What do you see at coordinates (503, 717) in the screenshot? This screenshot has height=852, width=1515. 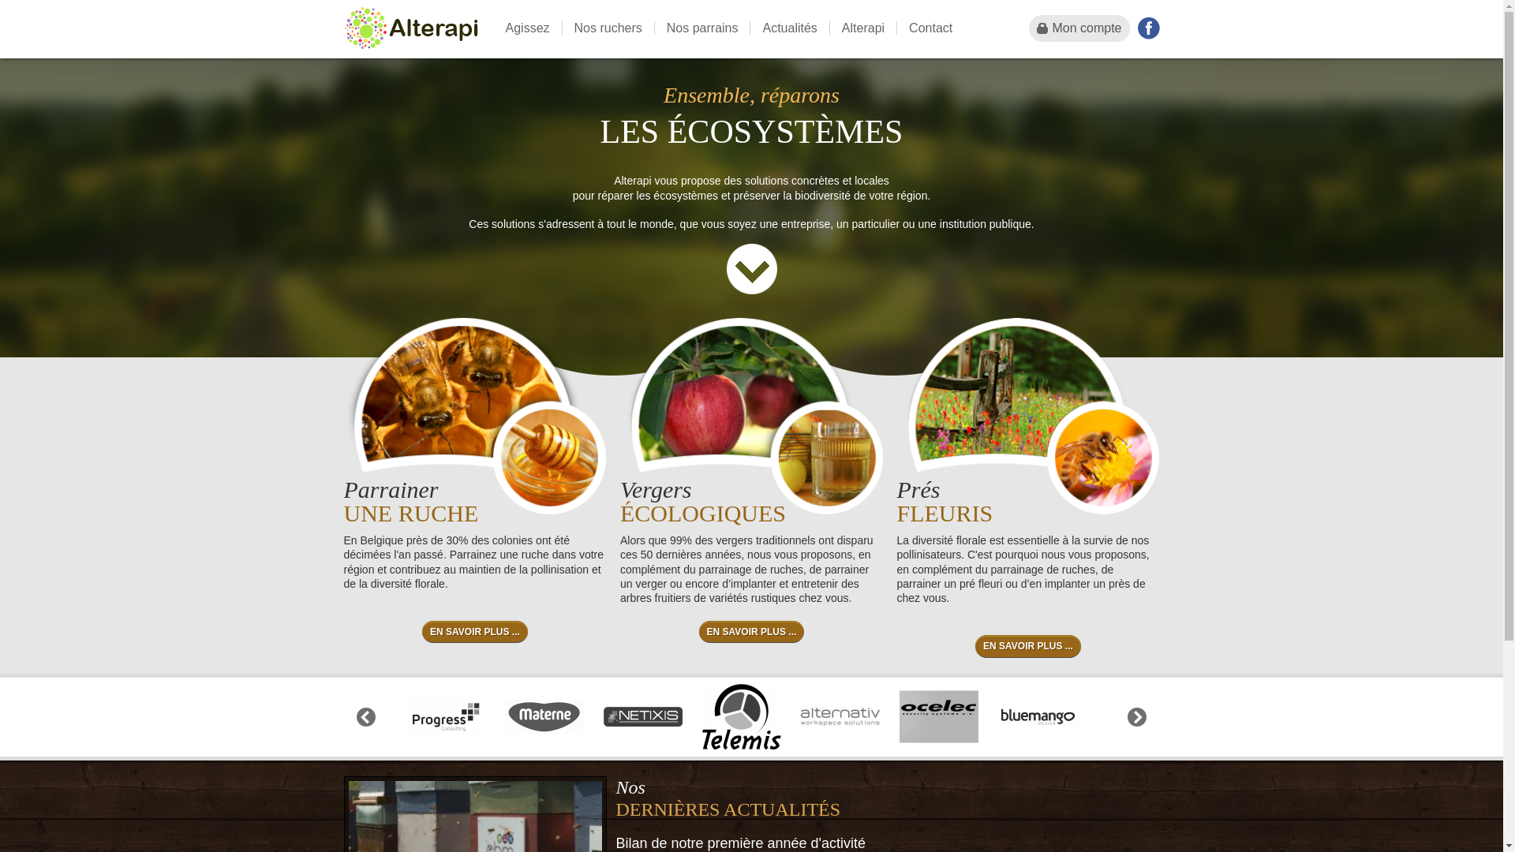 I see `'materne'` at bounding box center [503, 717].